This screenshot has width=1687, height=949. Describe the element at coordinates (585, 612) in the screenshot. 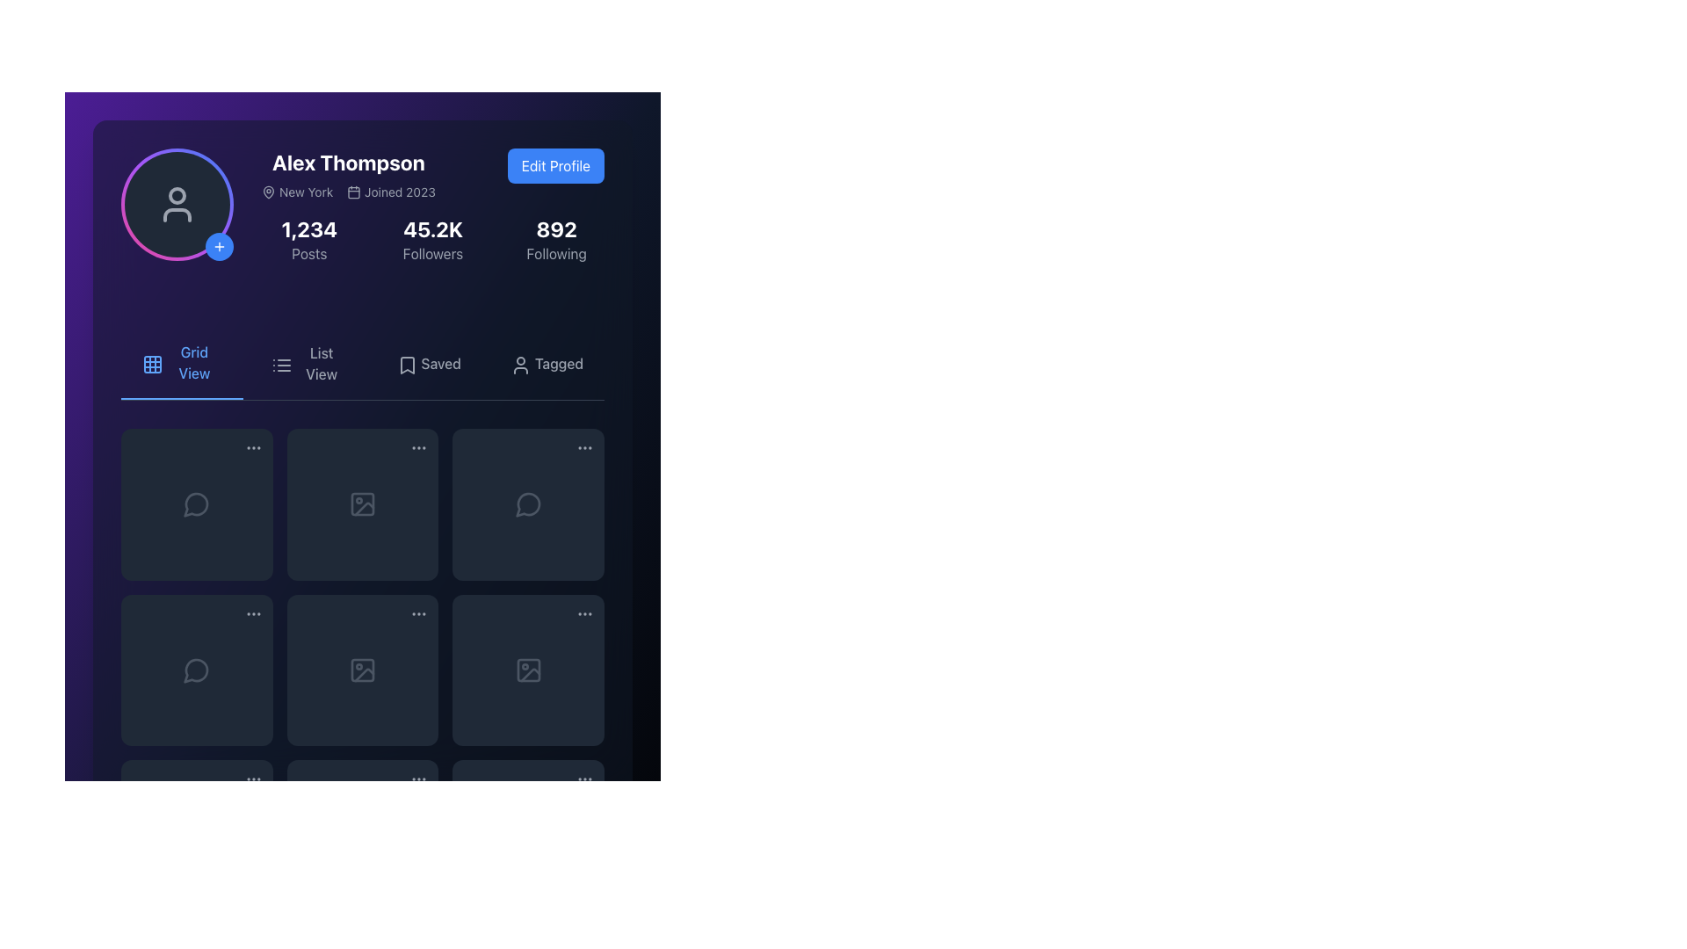

I see `the overflow menu icon styled as an ellipsis, located in the last column of the lower row of the grid` at that location.